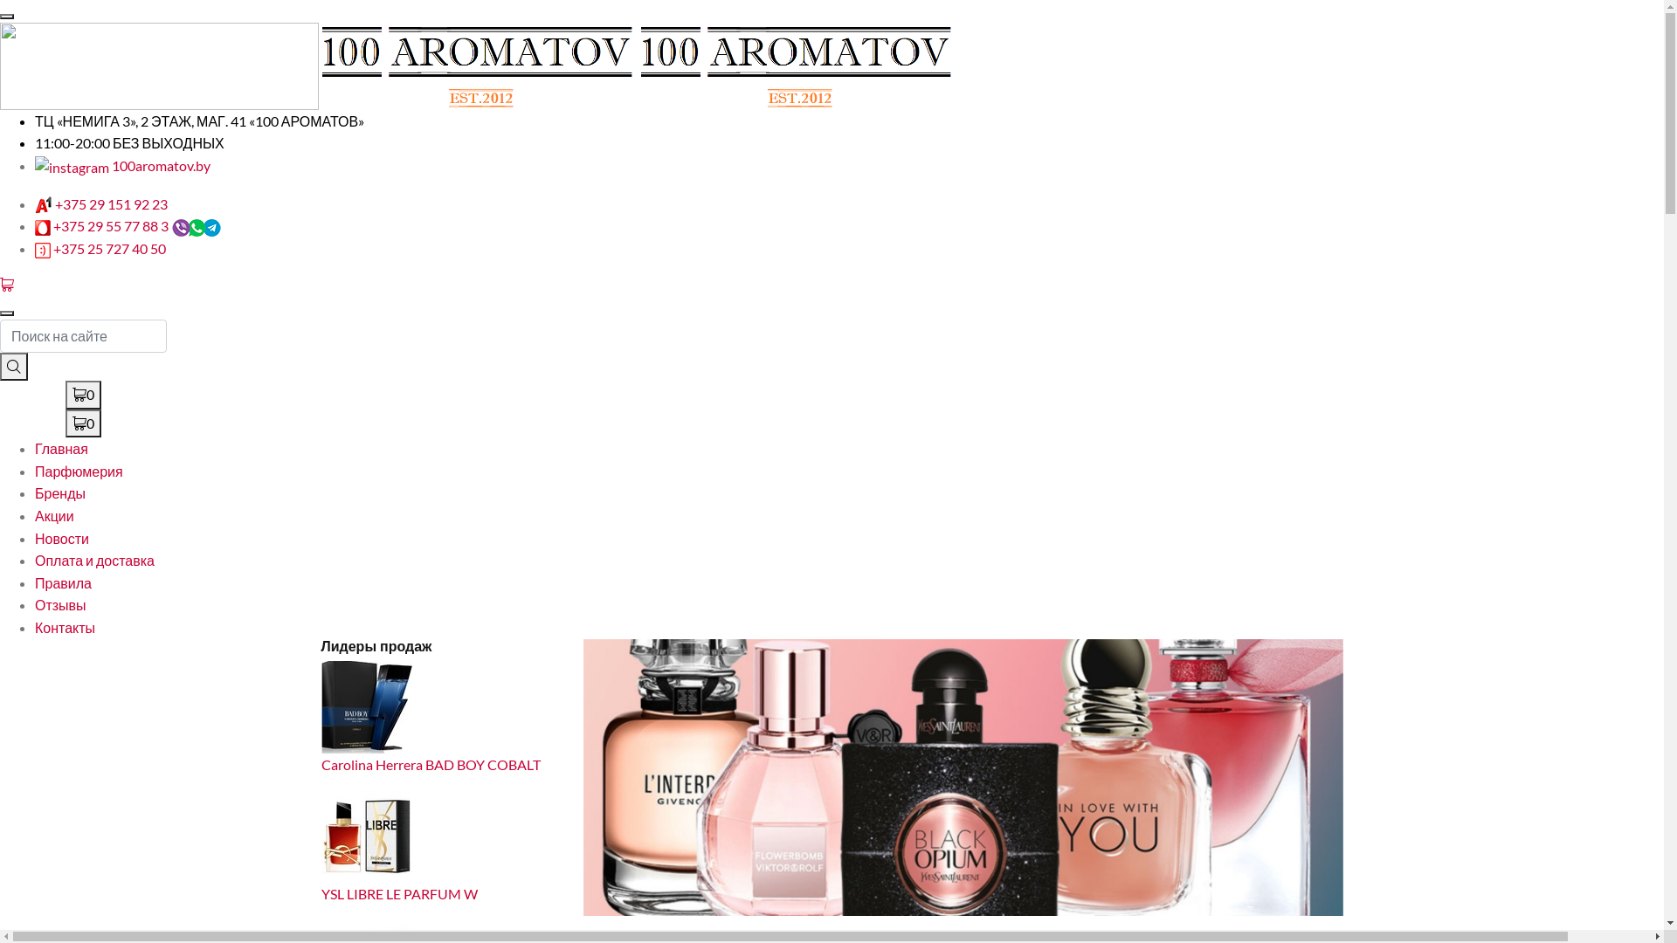 Image resolution: width=1677 pixels, height=943 pixels. I want to click on 'Next', so click(1227, 776).